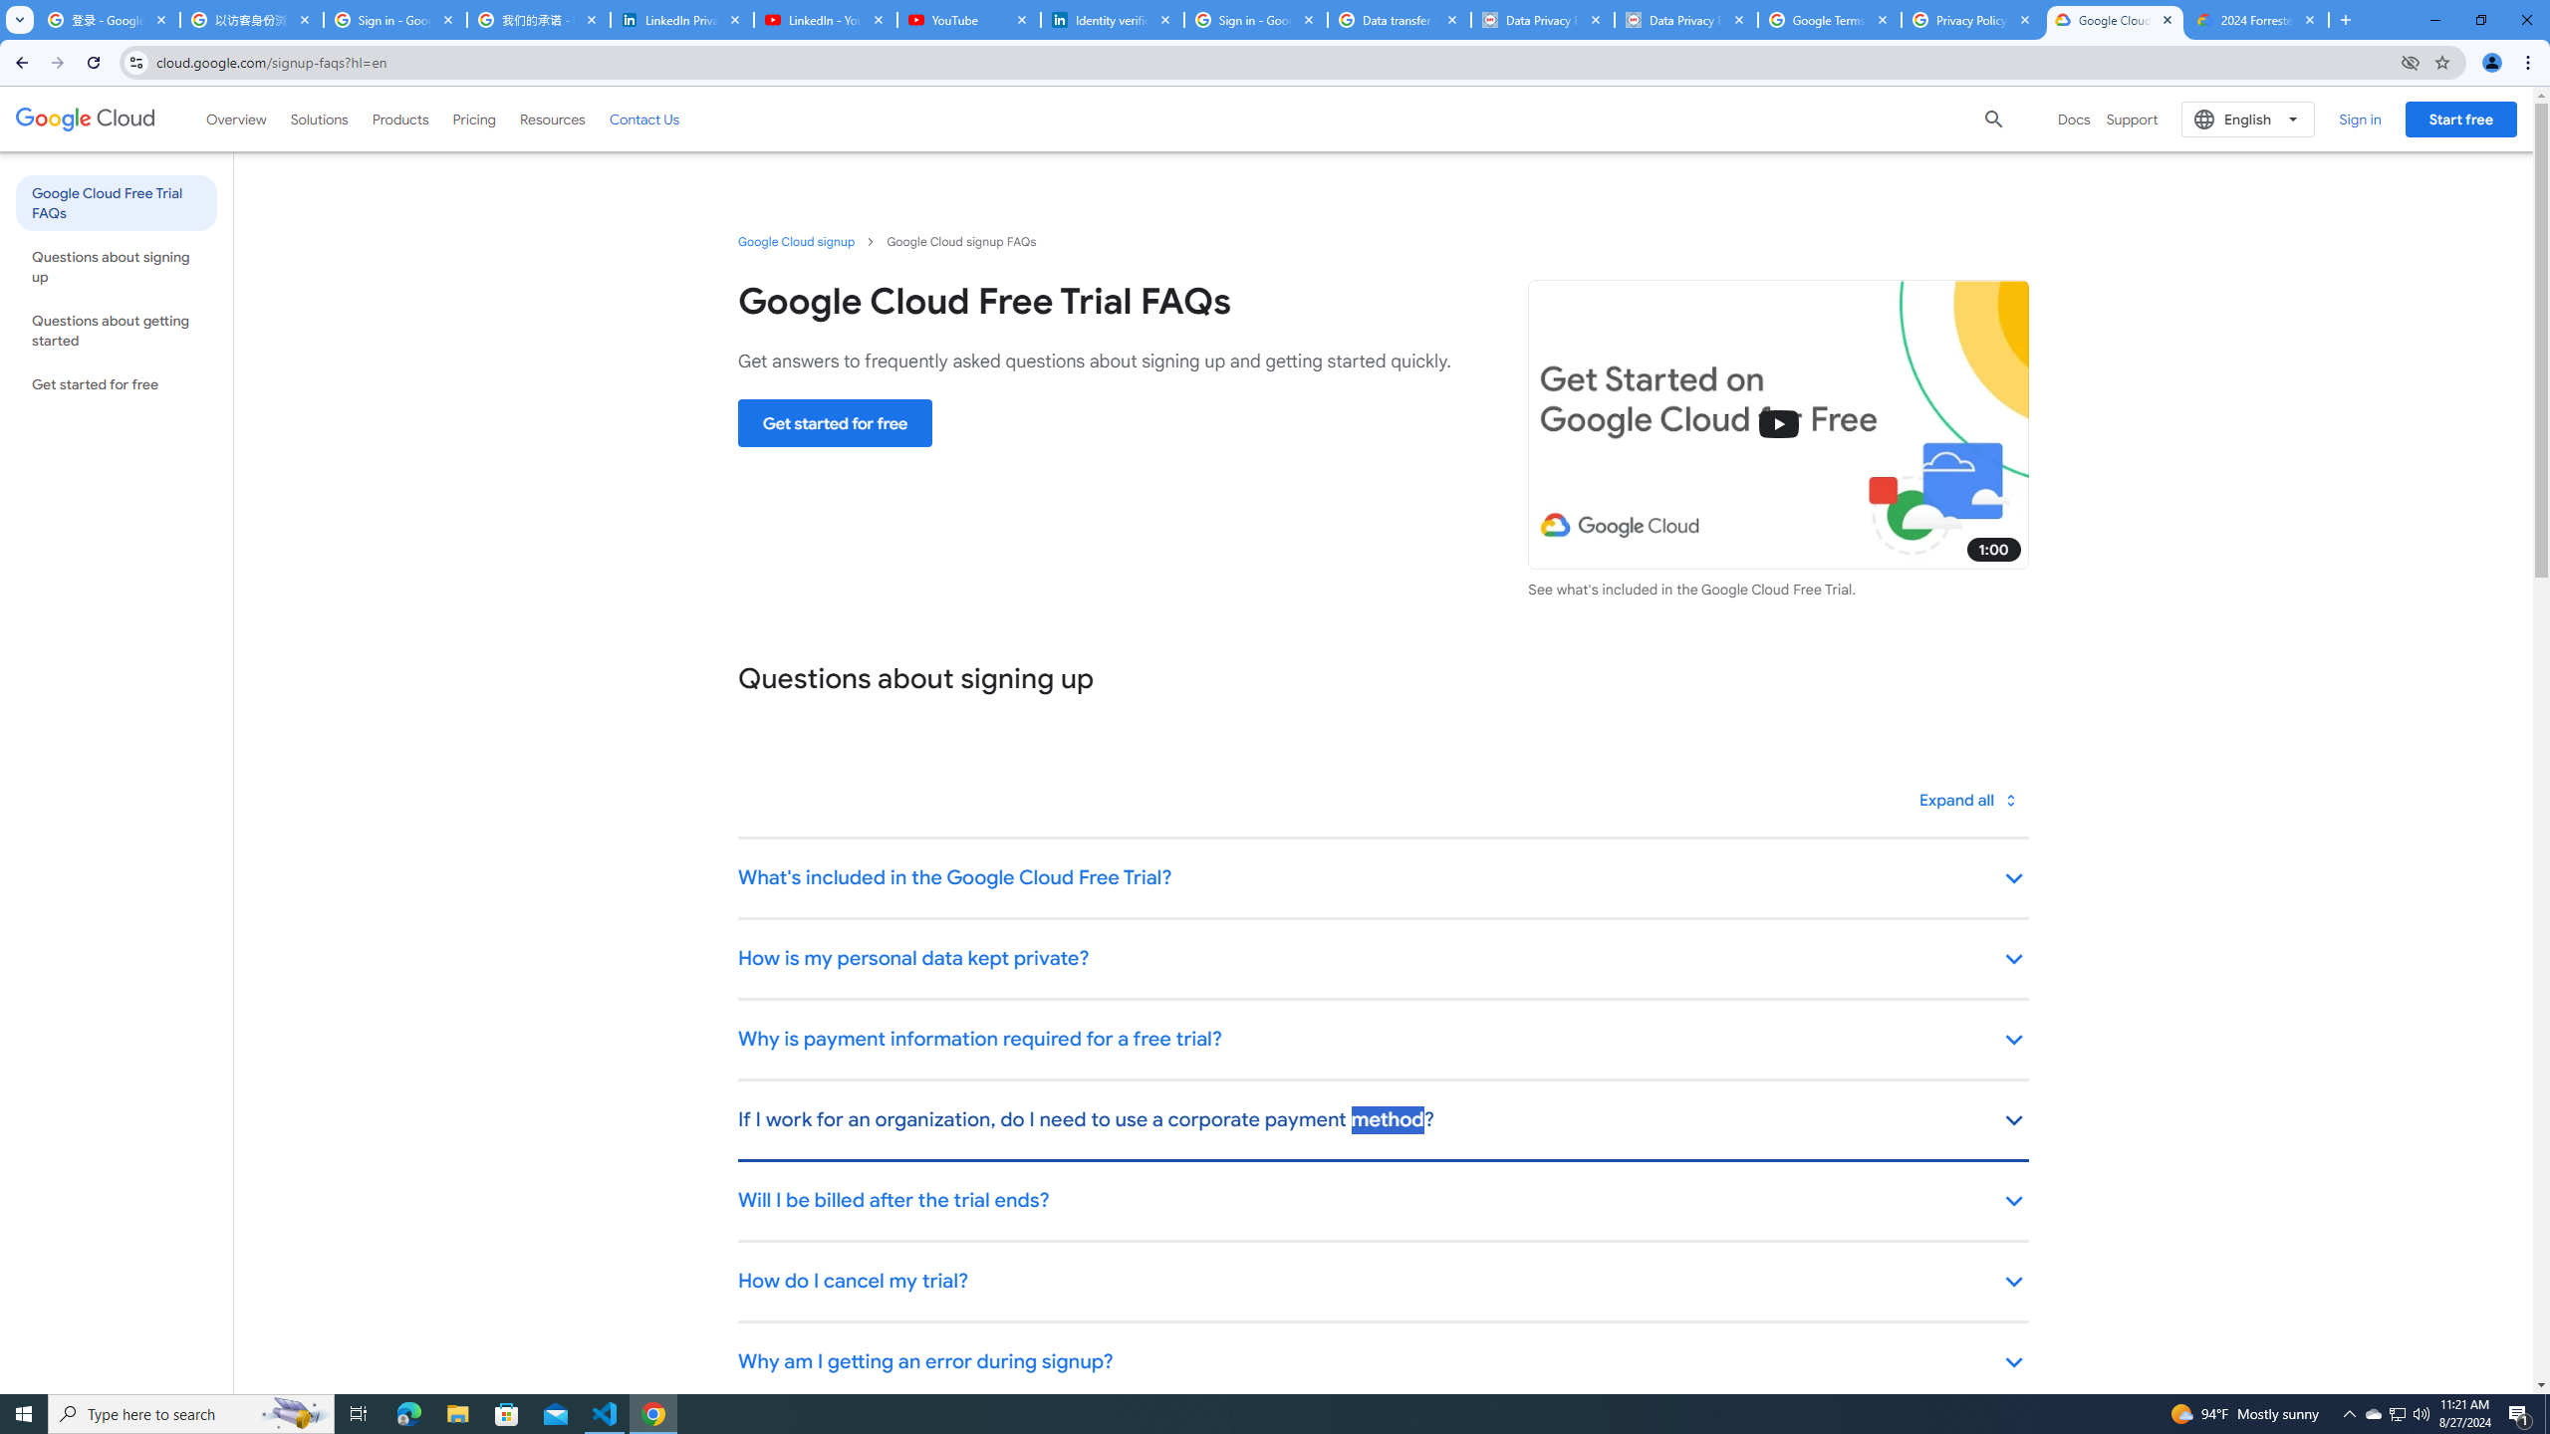 The image size is (2550, 1434). What do you see at coordinates (967, 19) in the screenshot?
I see `'YouTube'` at bounding box center [967, 19].